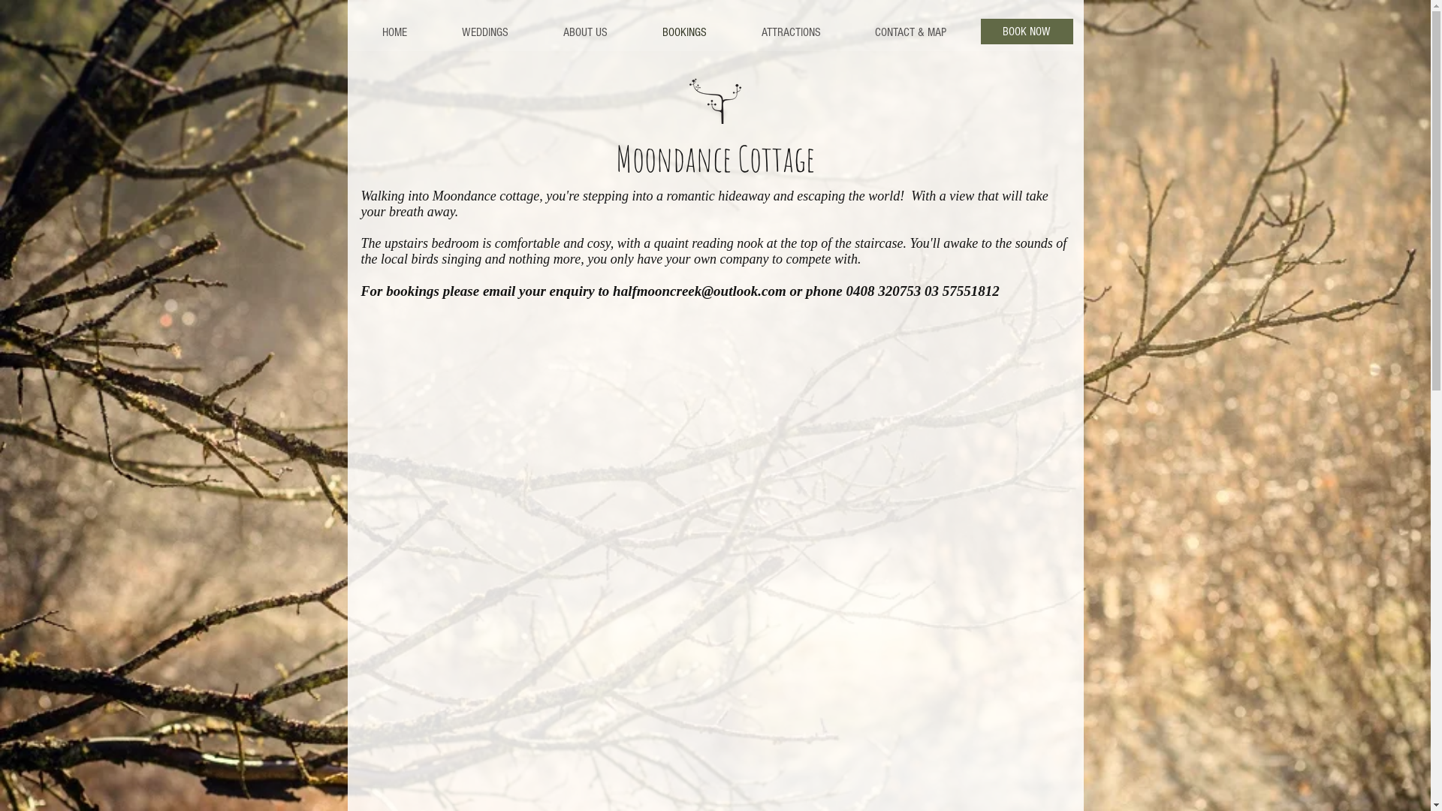  Describe the element at coordinates (534, 32) in the screenshot. I see `'ABOUT US'` at that location.